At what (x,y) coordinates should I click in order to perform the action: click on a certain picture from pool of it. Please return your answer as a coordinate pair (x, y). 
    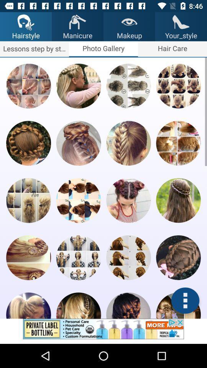
    Looking at the image, I should click on (28, 258).